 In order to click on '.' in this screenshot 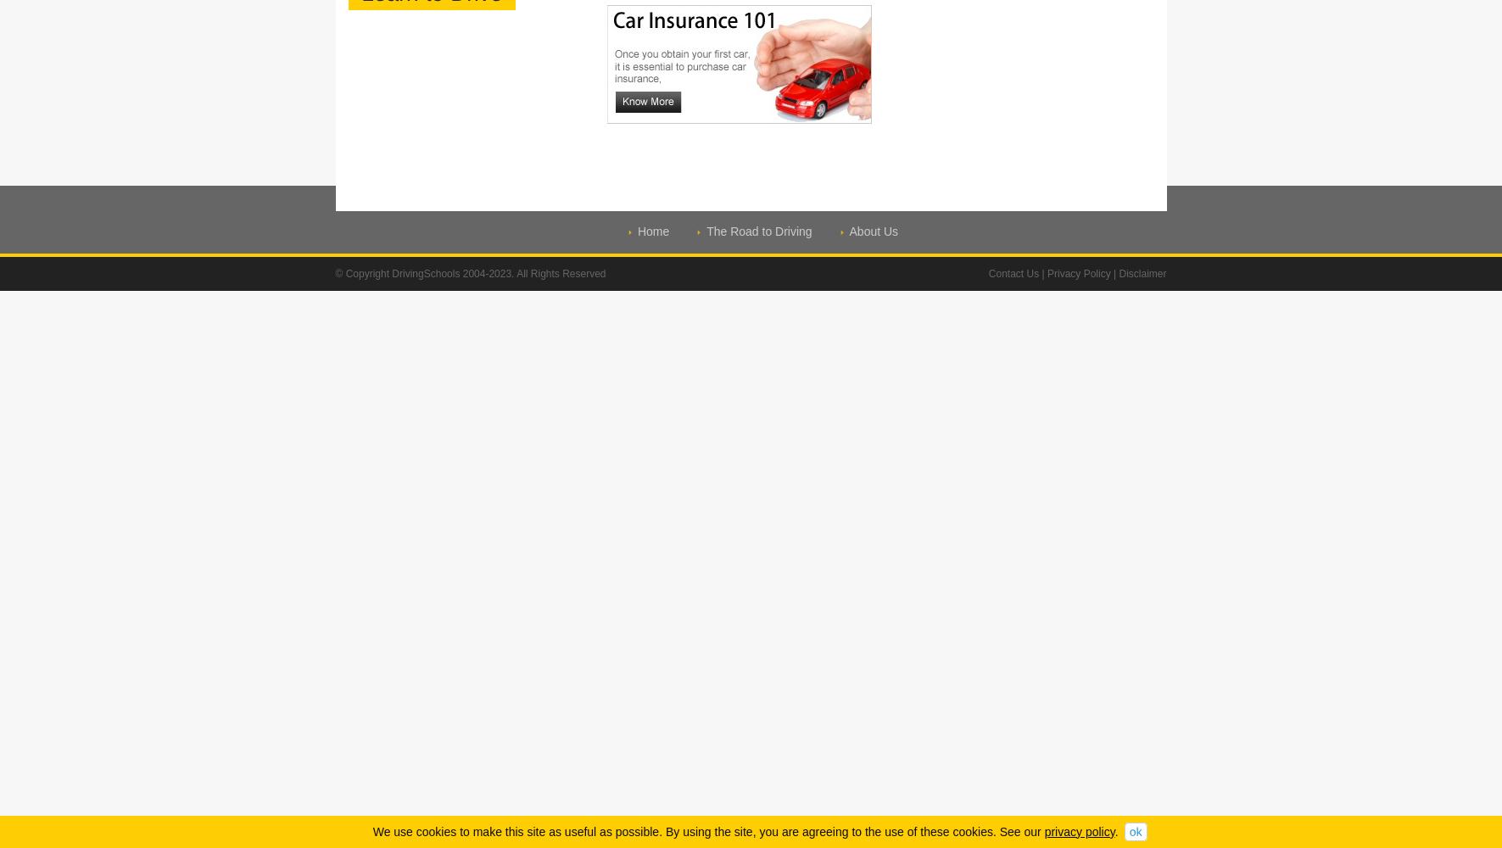, I will do `click(1118, 830)`.